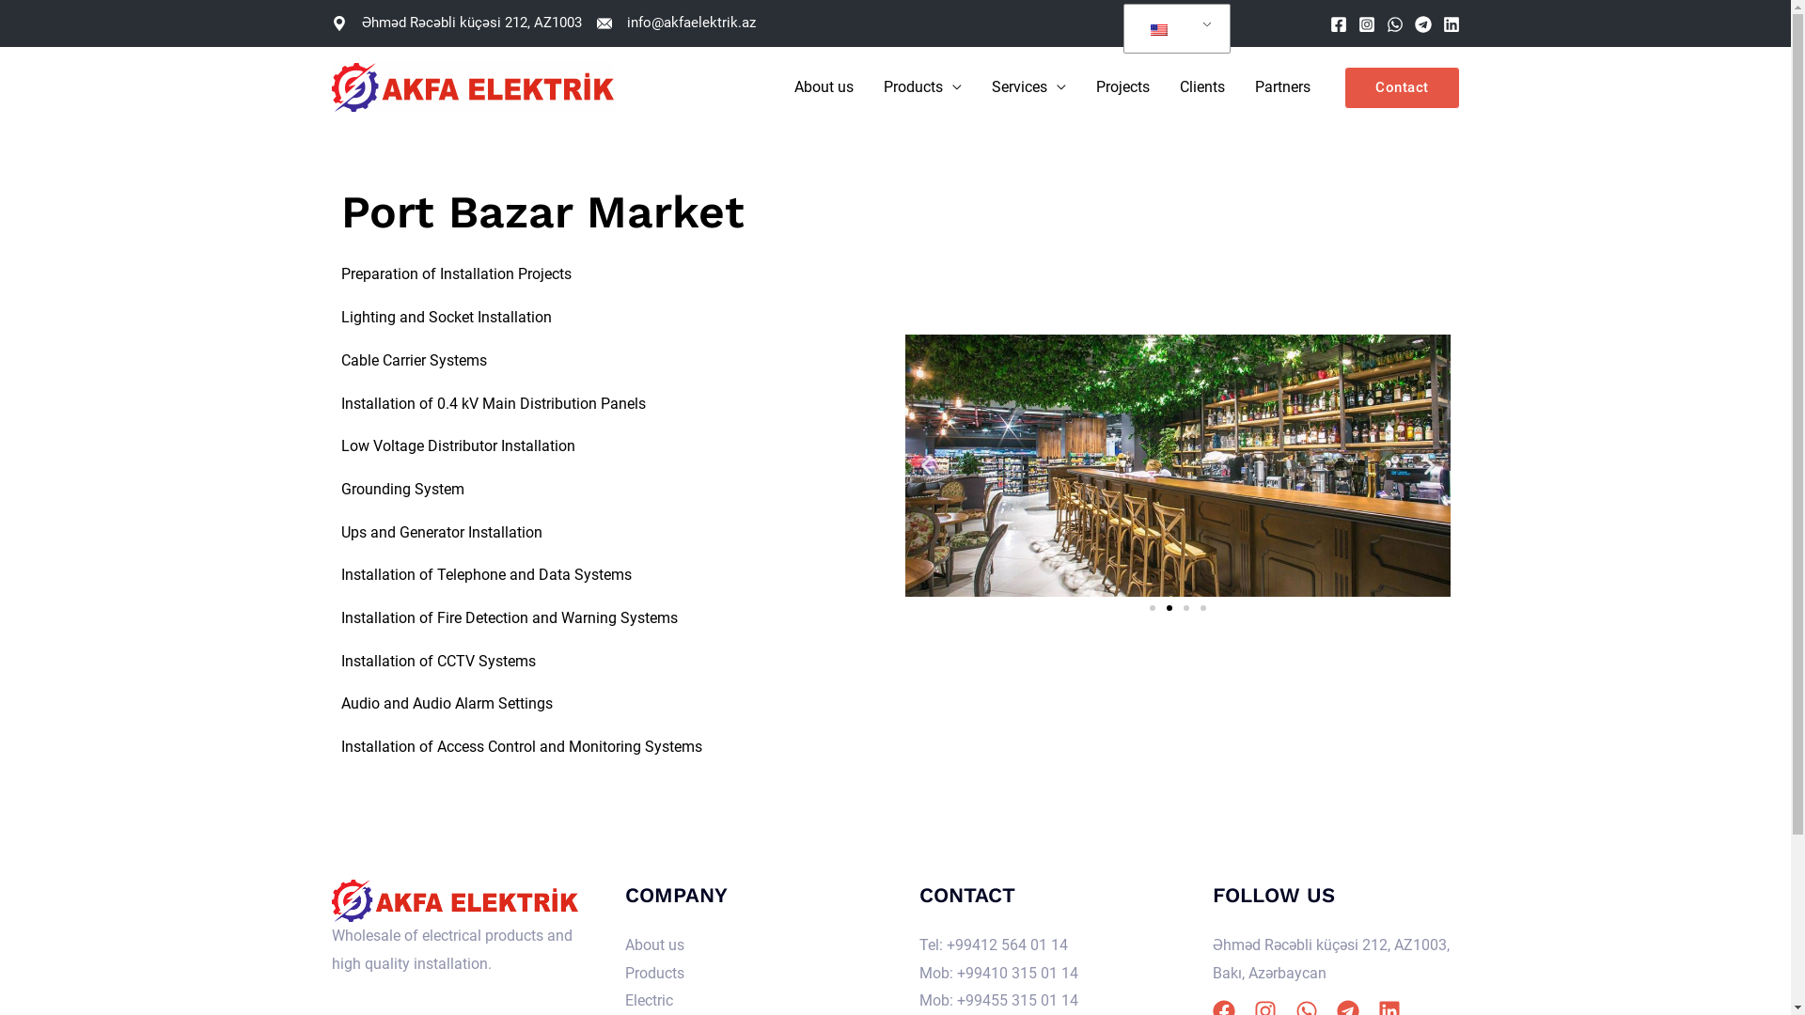  What do you see at coordinates (922, 86) in the screenshot?
I see `'Products'` at bounding box center [922, 86].